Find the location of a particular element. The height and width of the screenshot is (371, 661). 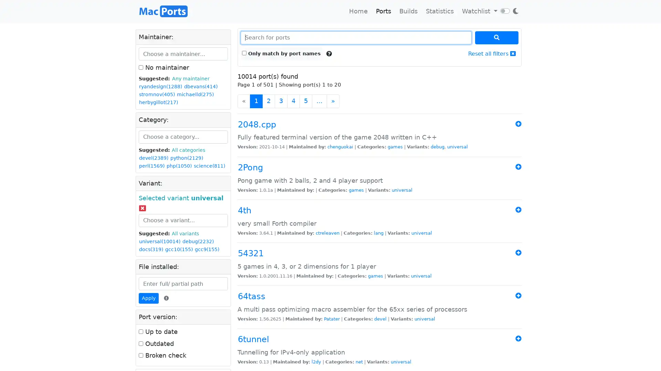

Apply is located at coordinates (148, 298).